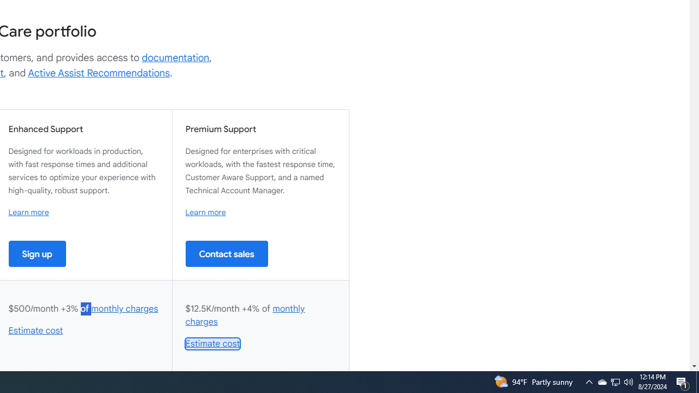 The width and height of the screenshot is (699, 393). What do you see at coordinates (99, 73) in the screenshot?
I see `'Active Assist Recommendations'` at bounding box center [99, 73].